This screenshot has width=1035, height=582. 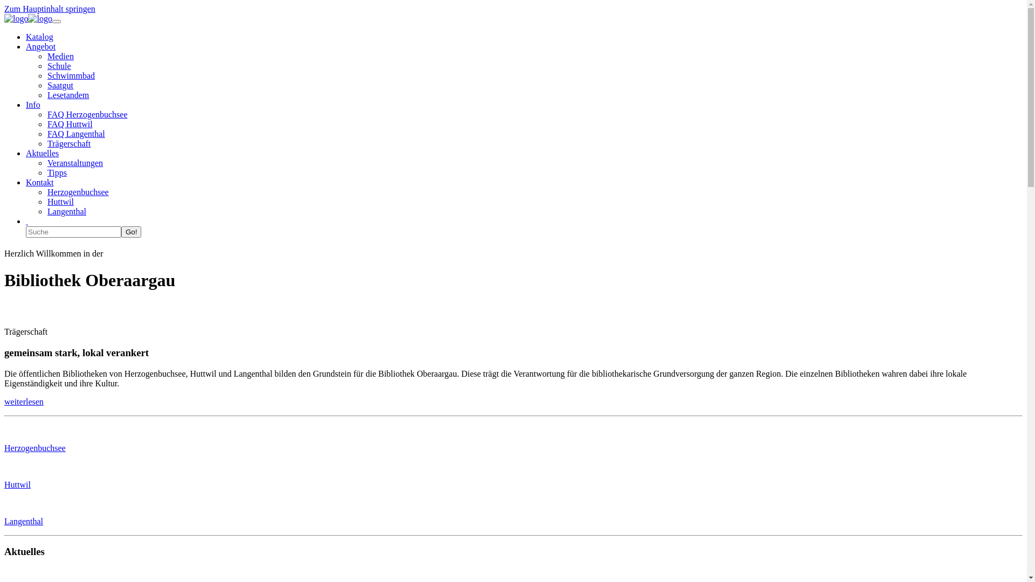 What do you see at coordinates (49, 9) in the screenshot?
I see `'Zum Hauptinhalt springen'` at bounding box center [49, 9].